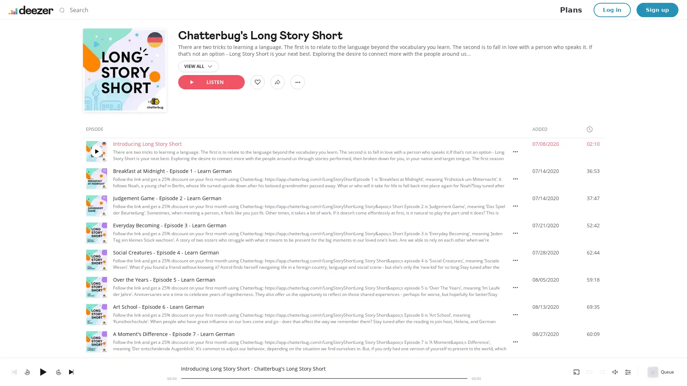 Image resolution: width=687 pixels, height=386 pixels. Describe the element at coordinates (96, 287) in the screenshot. I see `Play Over the Years - Episode 5 - Learn German by Chatterbug's Long Story Short` at that location.